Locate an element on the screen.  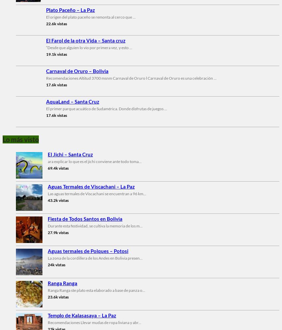
'El origen del plato paceño se remonta al cerco que ...' is located at coordinates (91, 16).